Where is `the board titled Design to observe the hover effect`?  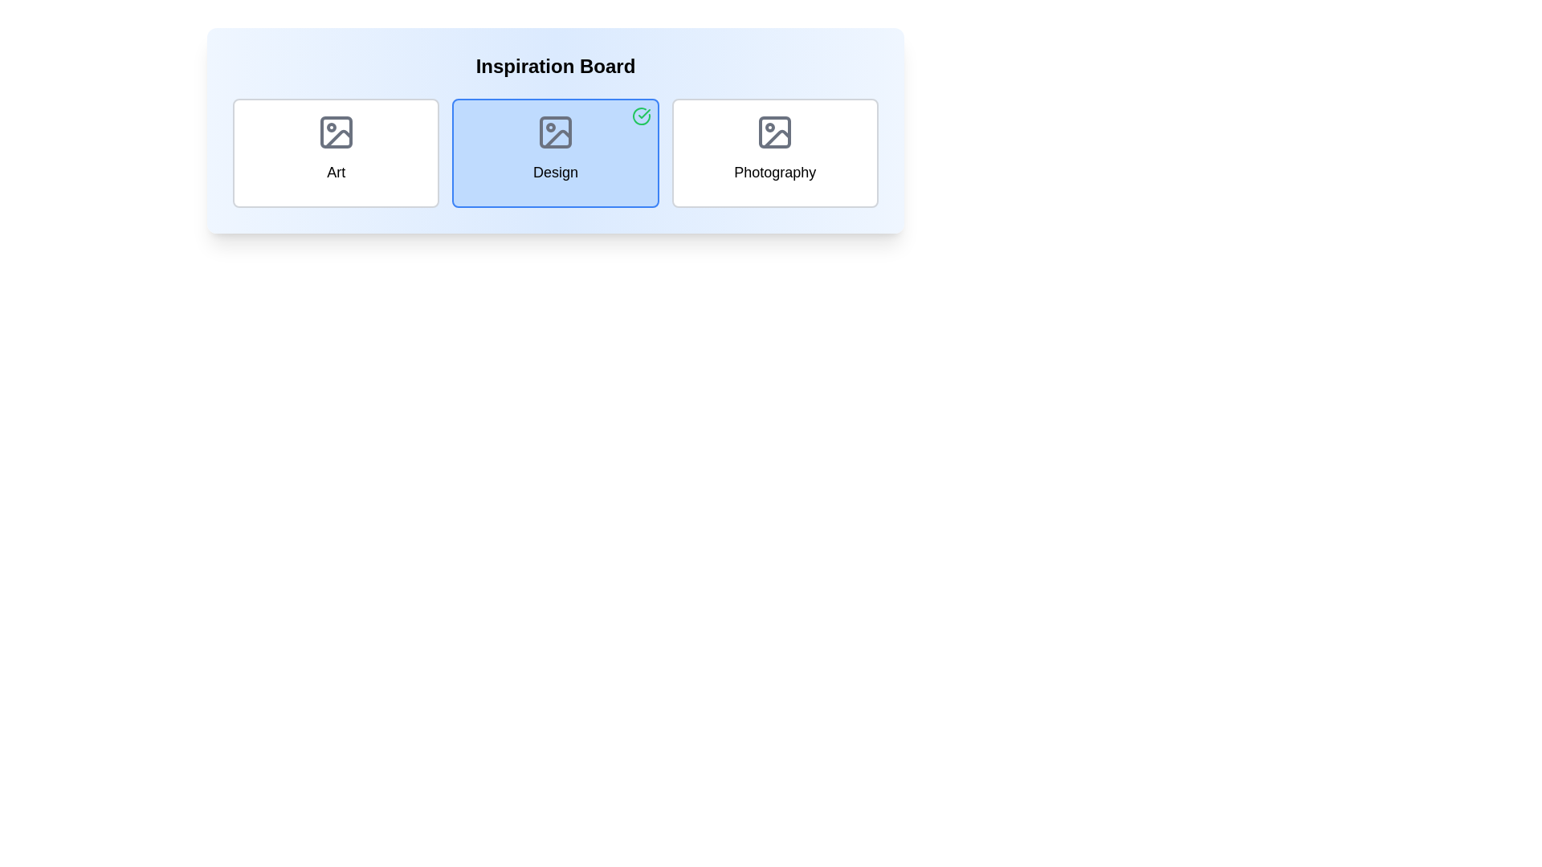
the board titled Design to observe the hover effect is located at coordinates (555, 153).